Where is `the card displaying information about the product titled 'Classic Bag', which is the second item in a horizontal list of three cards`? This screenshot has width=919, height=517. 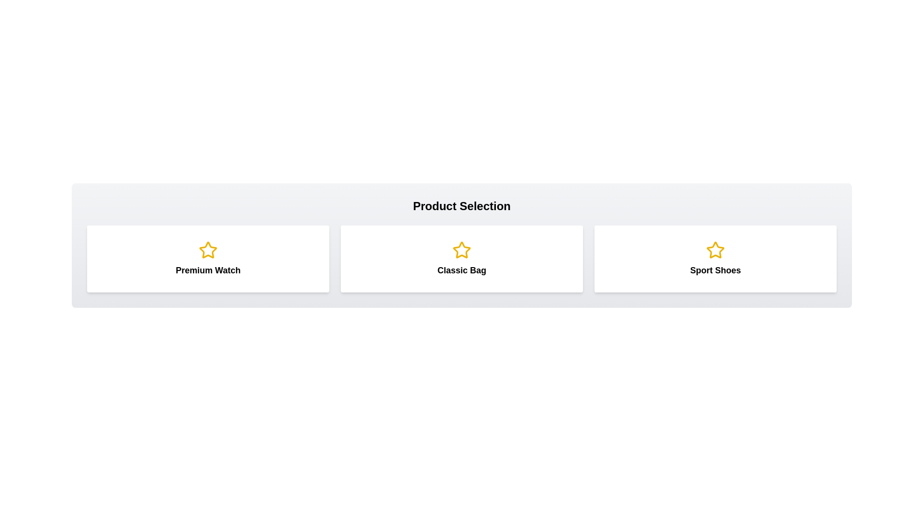 the card displaying information about the product titled 'Classic Bag', which is the second item in a horizontal list of three cards is located at coordinates (461, 258).